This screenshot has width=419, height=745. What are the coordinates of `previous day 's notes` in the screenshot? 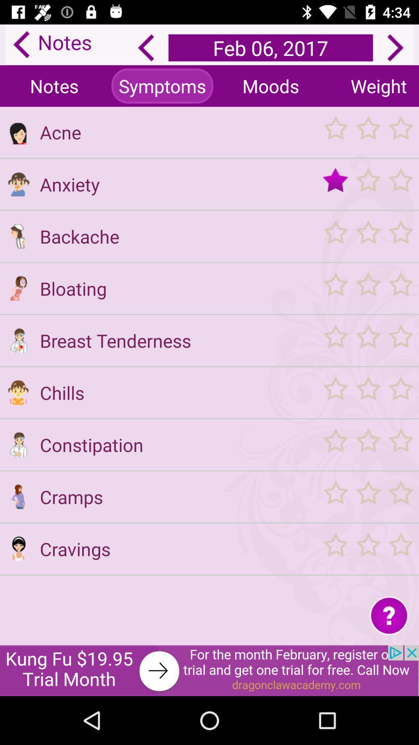 It's located at (146, 47).